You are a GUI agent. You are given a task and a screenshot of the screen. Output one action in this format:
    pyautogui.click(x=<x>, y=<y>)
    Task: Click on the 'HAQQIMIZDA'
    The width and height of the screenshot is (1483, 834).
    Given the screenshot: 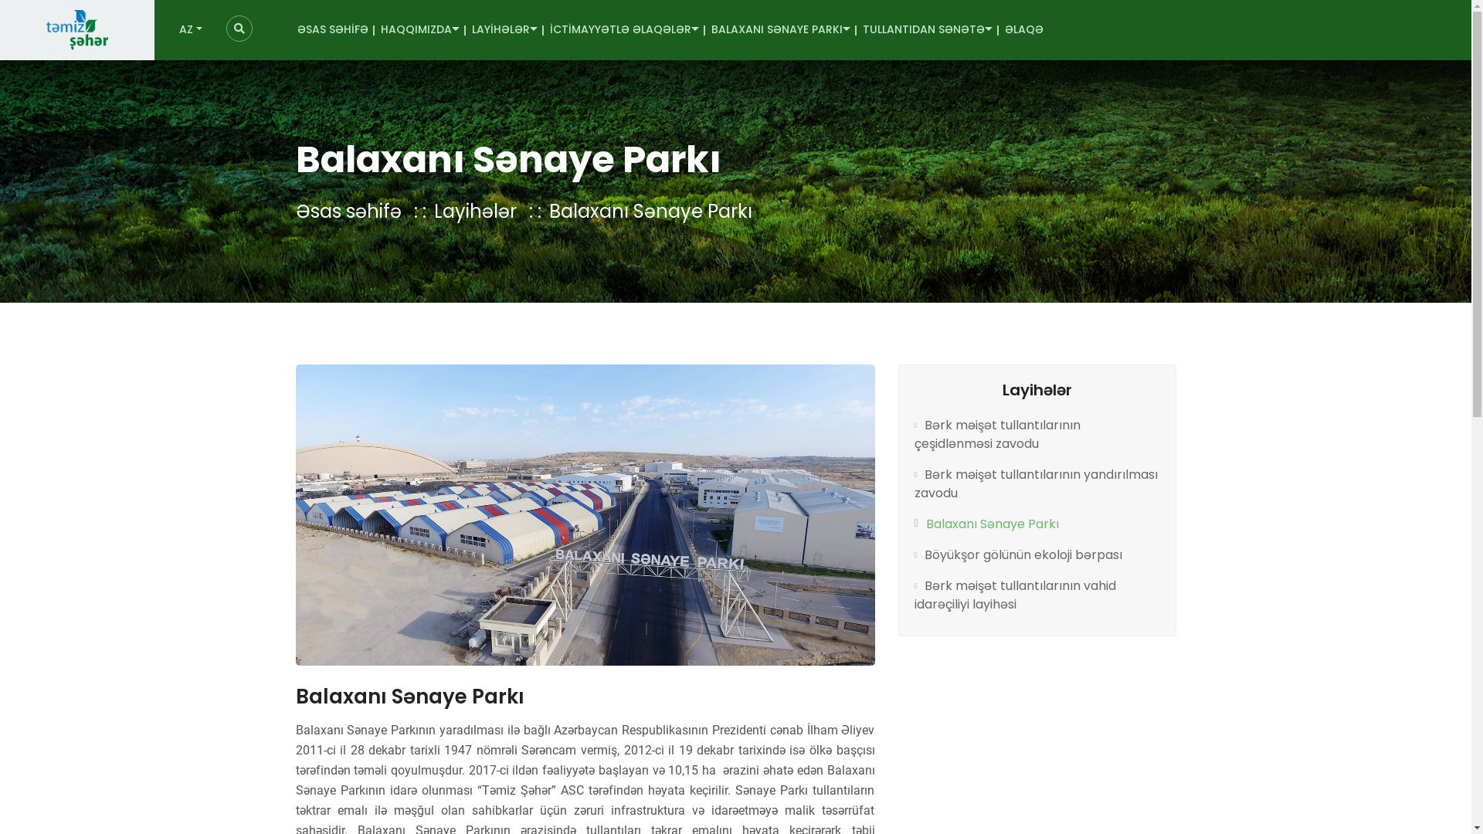 What is the action you would take?
    pyautogui.click(x=374, y=30)
    